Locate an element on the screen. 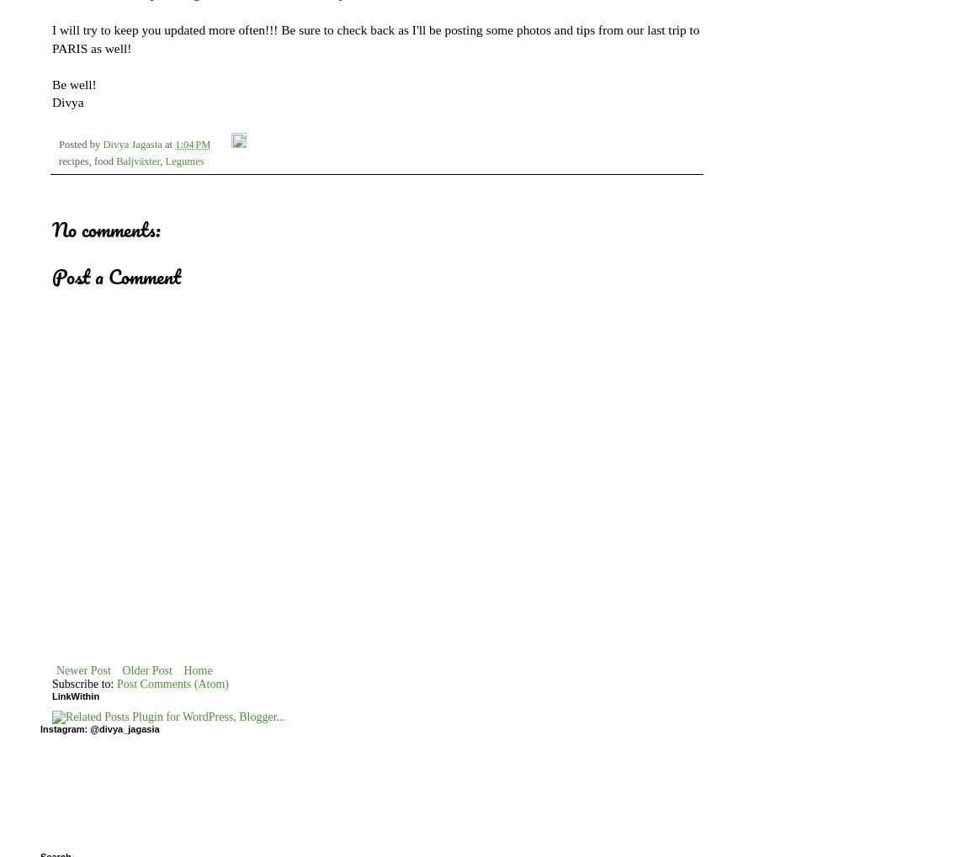  'recipes, food' is located at coordinates (88, 160).